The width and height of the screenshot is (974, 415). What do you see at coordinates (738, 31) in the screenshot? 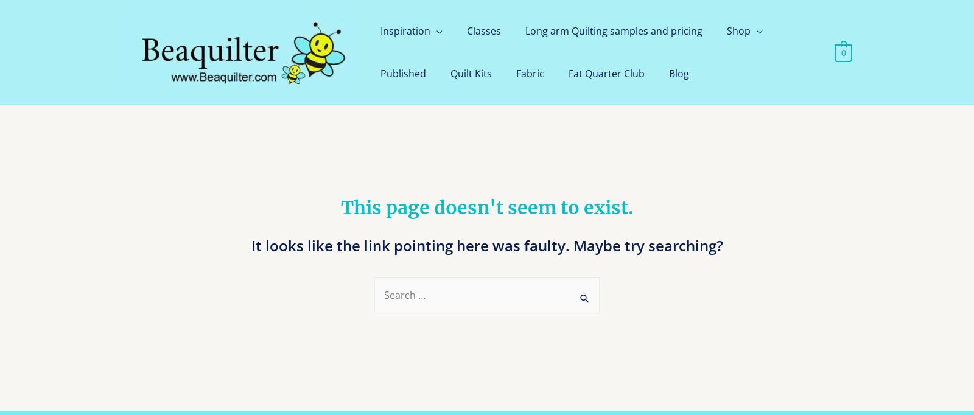
I see `'Shop'` at bounding box center [738, 31].